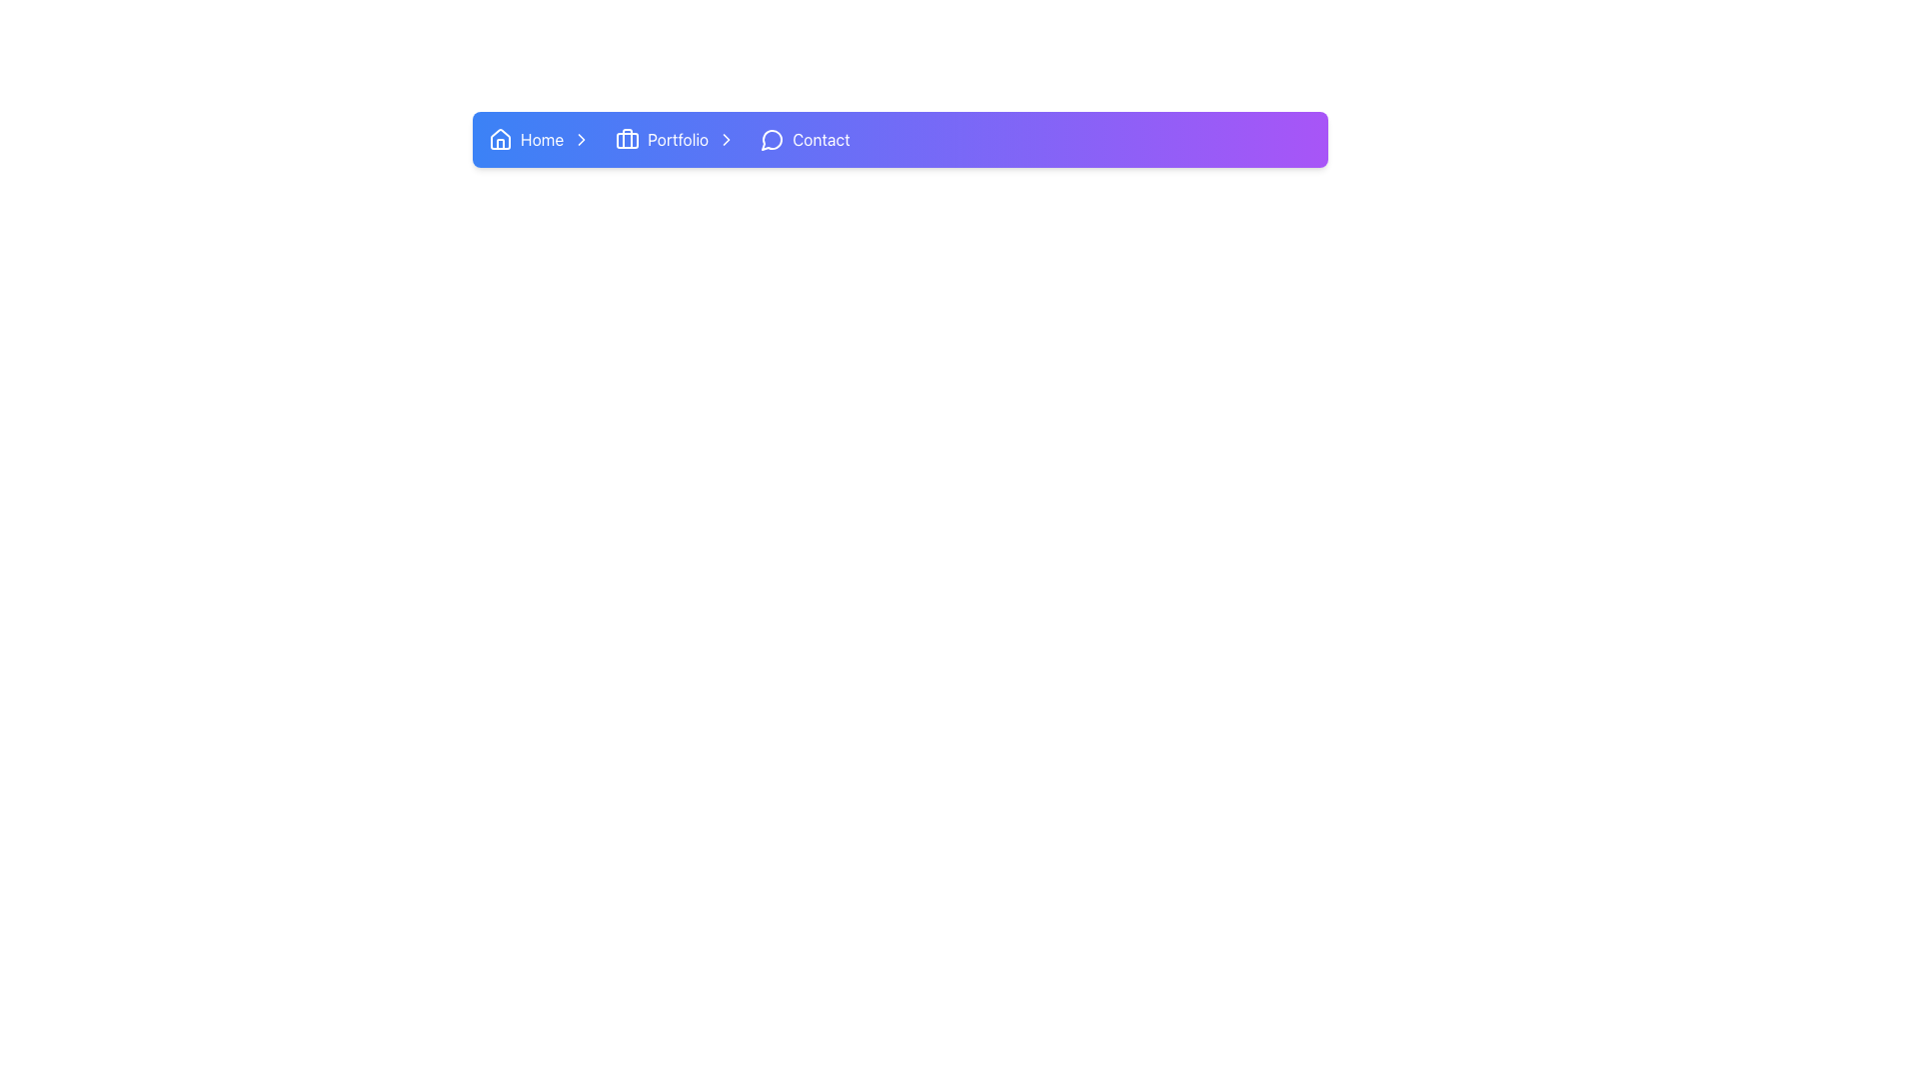 The height and width of the screenshot is (1079, 1919). What do you see at coordinates (500, 138) in the screenshot?
I see `the house-shaped icon in the breadcrumb navigation bar` at bounding box center [500, 138].